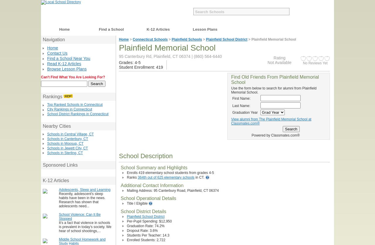 This screenshot has height=245, width=375. I want to click on 'Schools in Canterbury, CT', so click(47, 139).